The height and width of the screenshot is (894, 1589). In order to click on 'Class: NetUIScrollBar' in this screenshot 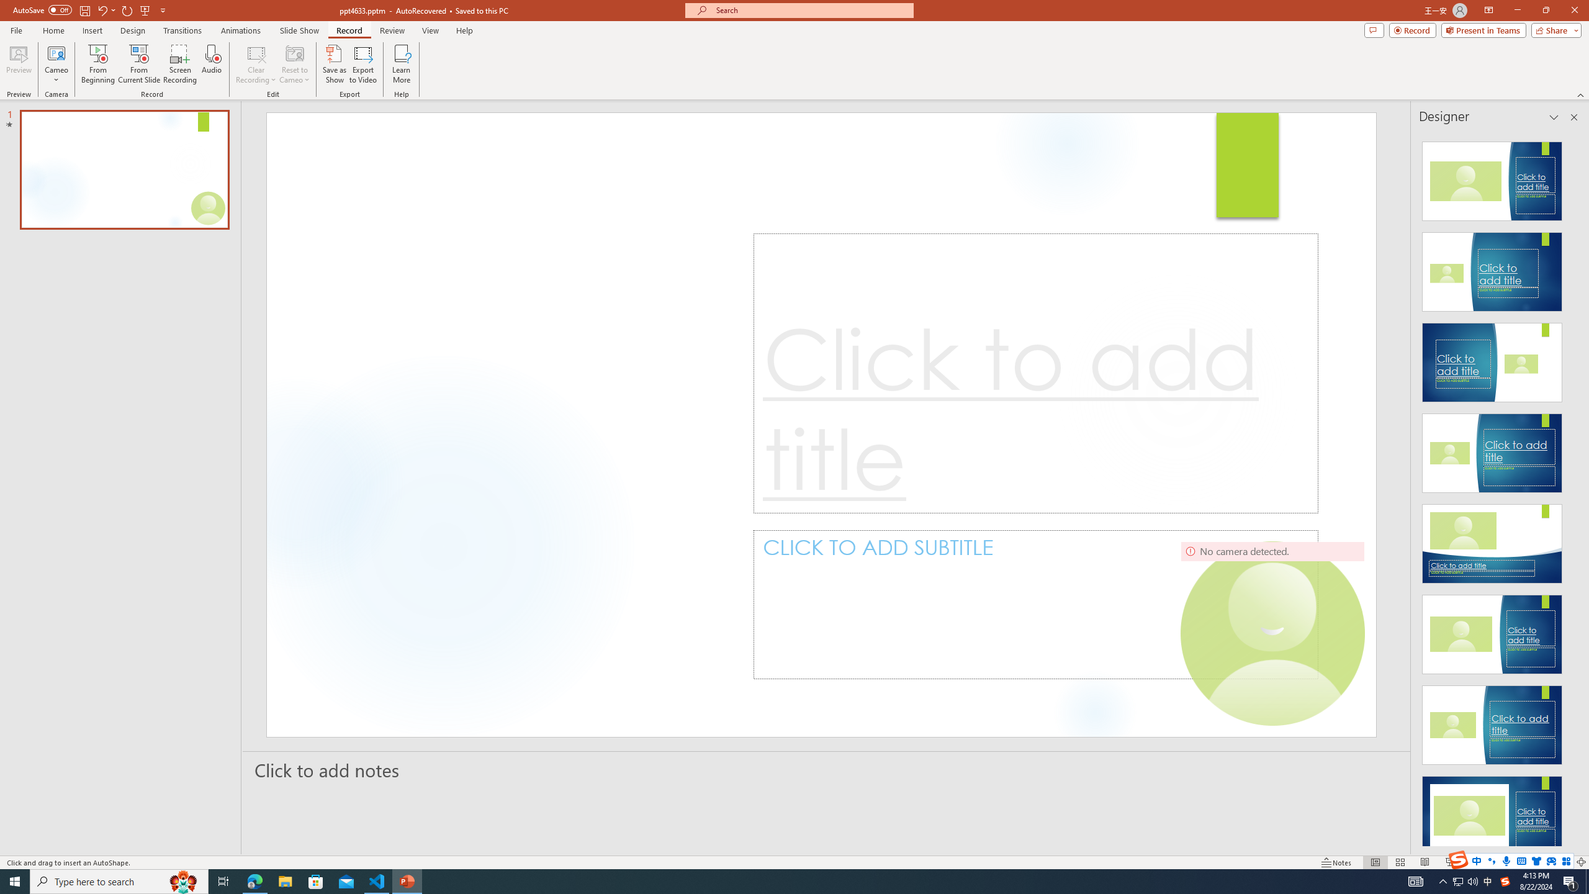, I will do `click(1572, 488)`.